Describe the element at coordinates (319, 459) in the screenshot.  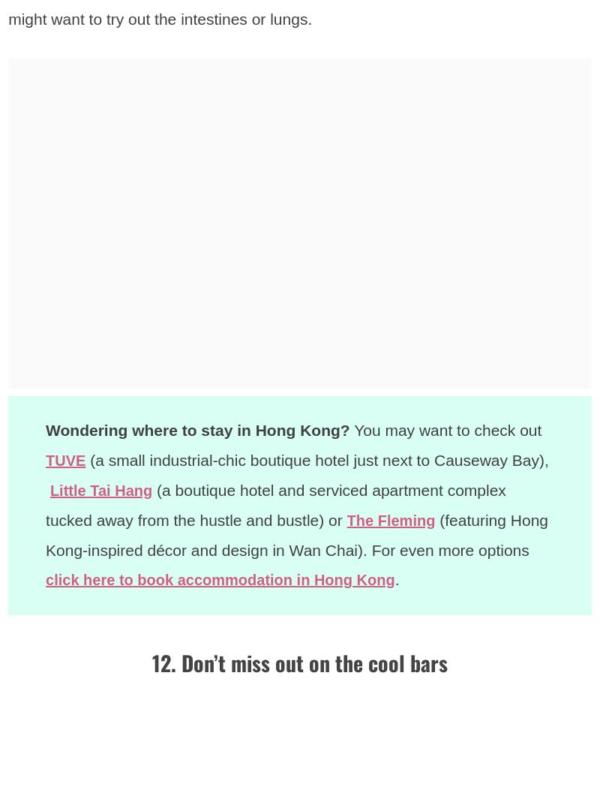
I see `'(a small industrial-chic boutique hotel just next to Causeway Bay),'` at that location.